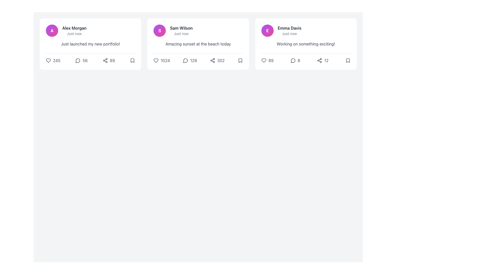  I want to click on the like button located in the horizontal row of interactive items at the bottom of the card, which includes icons for likes, comments, and shares, so click(306, 58).